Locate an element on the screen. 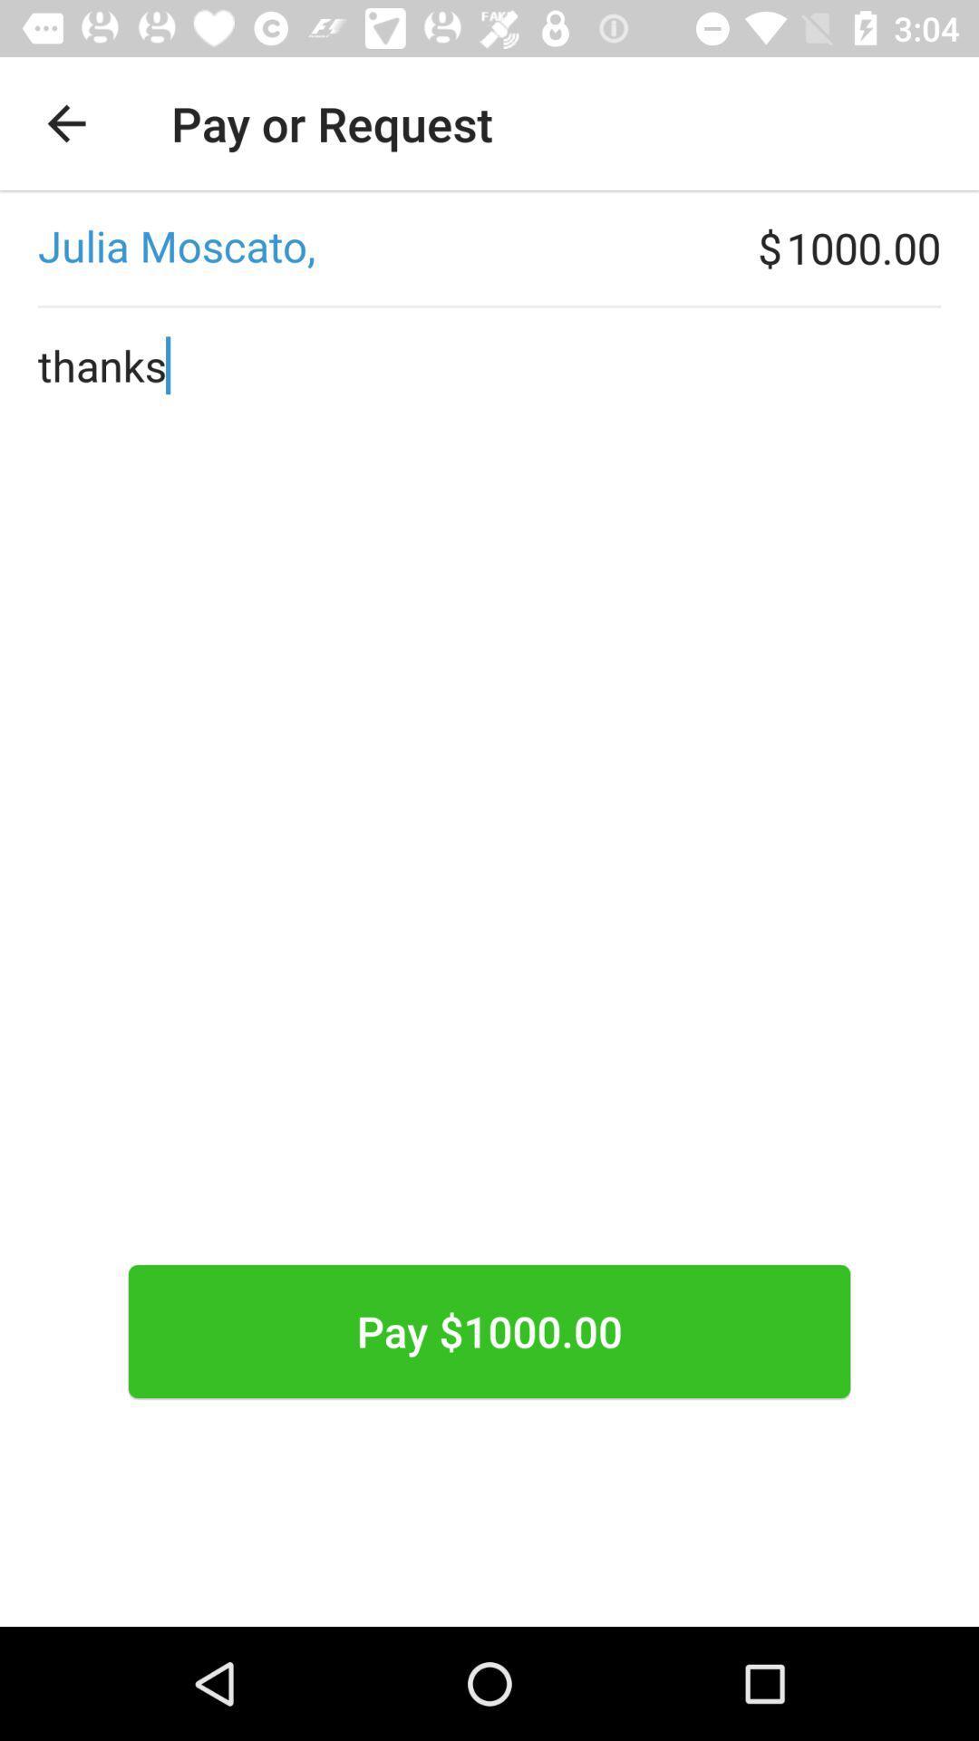 This screenshot has height=1741, width=979. icon next to $ is located at coordinates (378, 247).